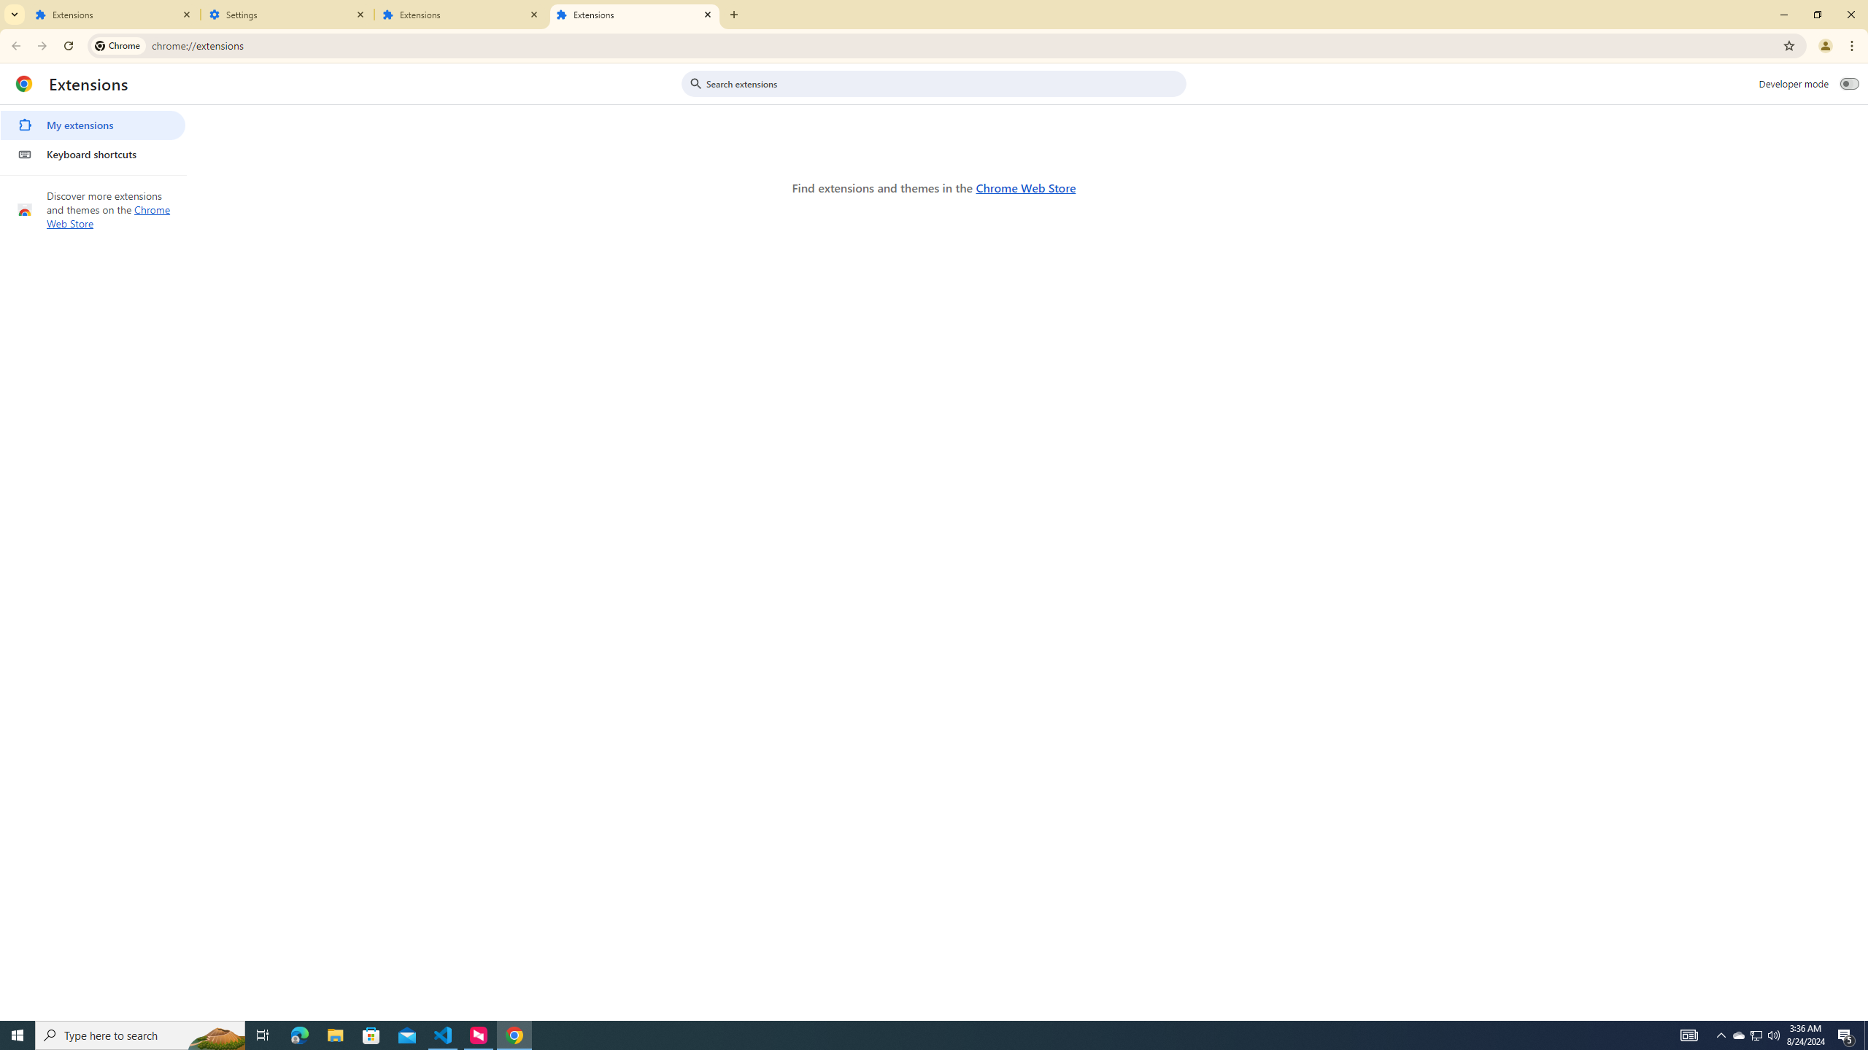 Image resolution: width=1868 pixels, height=1050 pixels. Describe the element at coordinates (1025, 187) in the screenshot. I see `'Chrome Web Store'` at that location.